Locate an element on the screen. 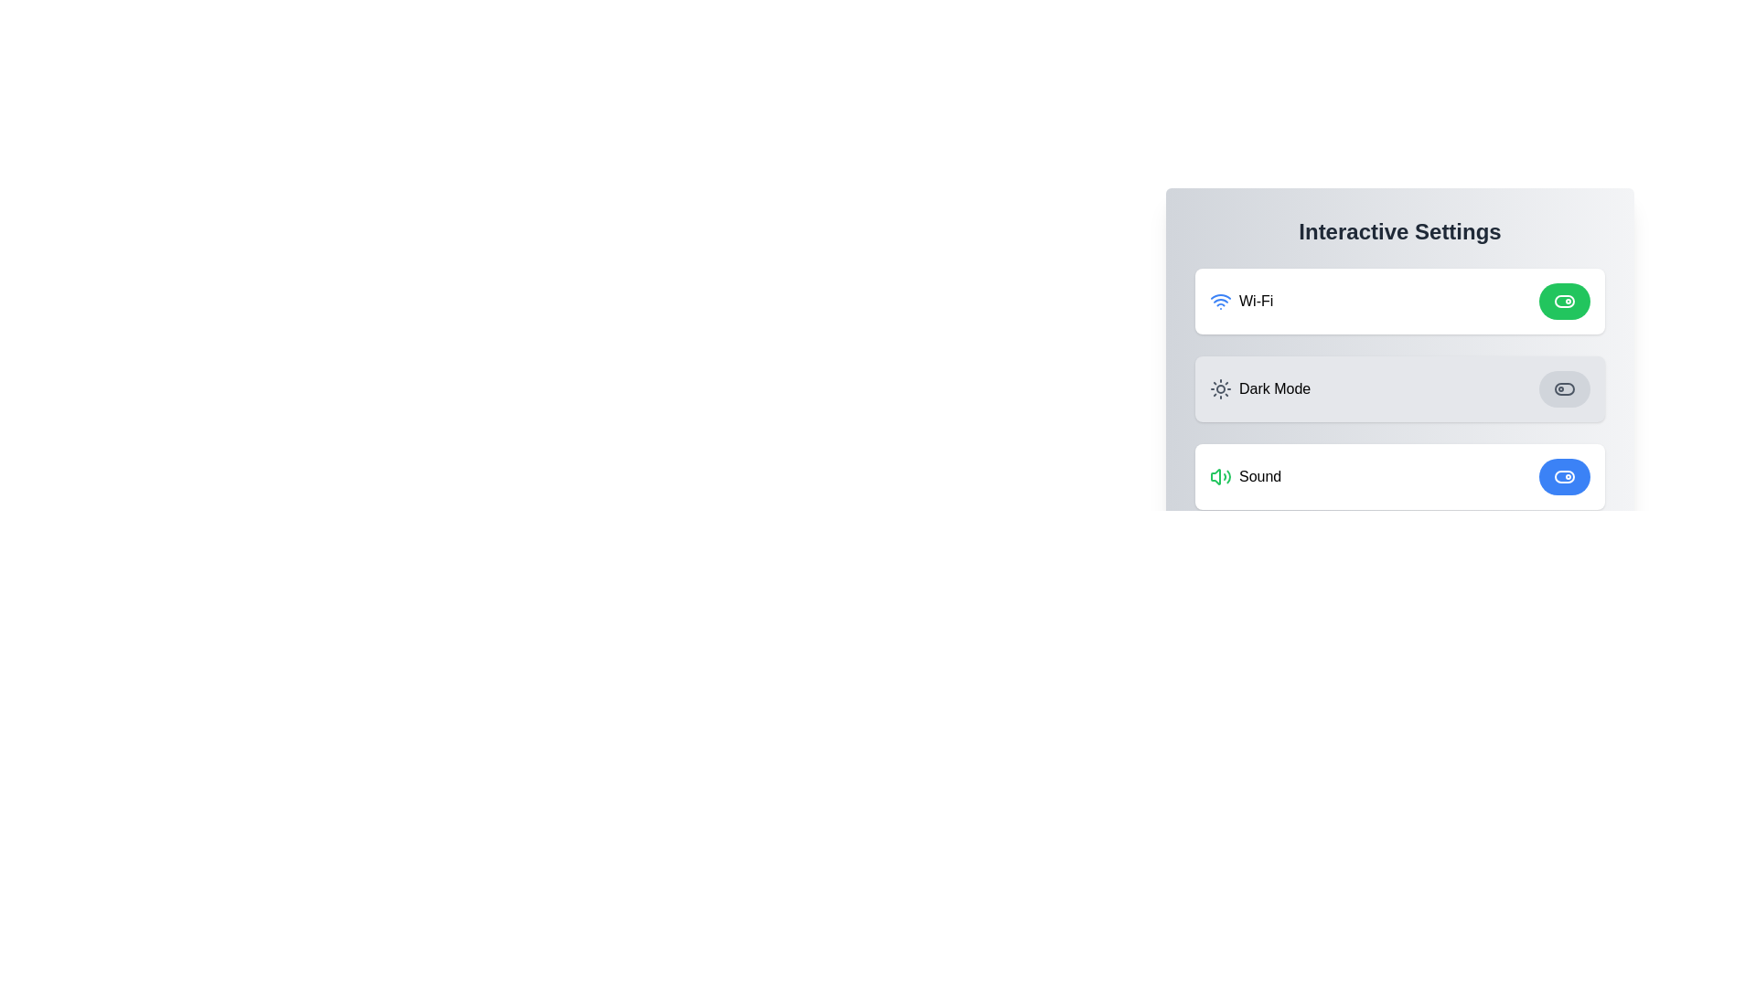 This screenshot has width=1756, height=987. the 'Dark Mode' icon in the 'Interactive Settings' panel, which is positioned to the left of the 'Dark Mode' label text is located at coordinates (1220, 387).